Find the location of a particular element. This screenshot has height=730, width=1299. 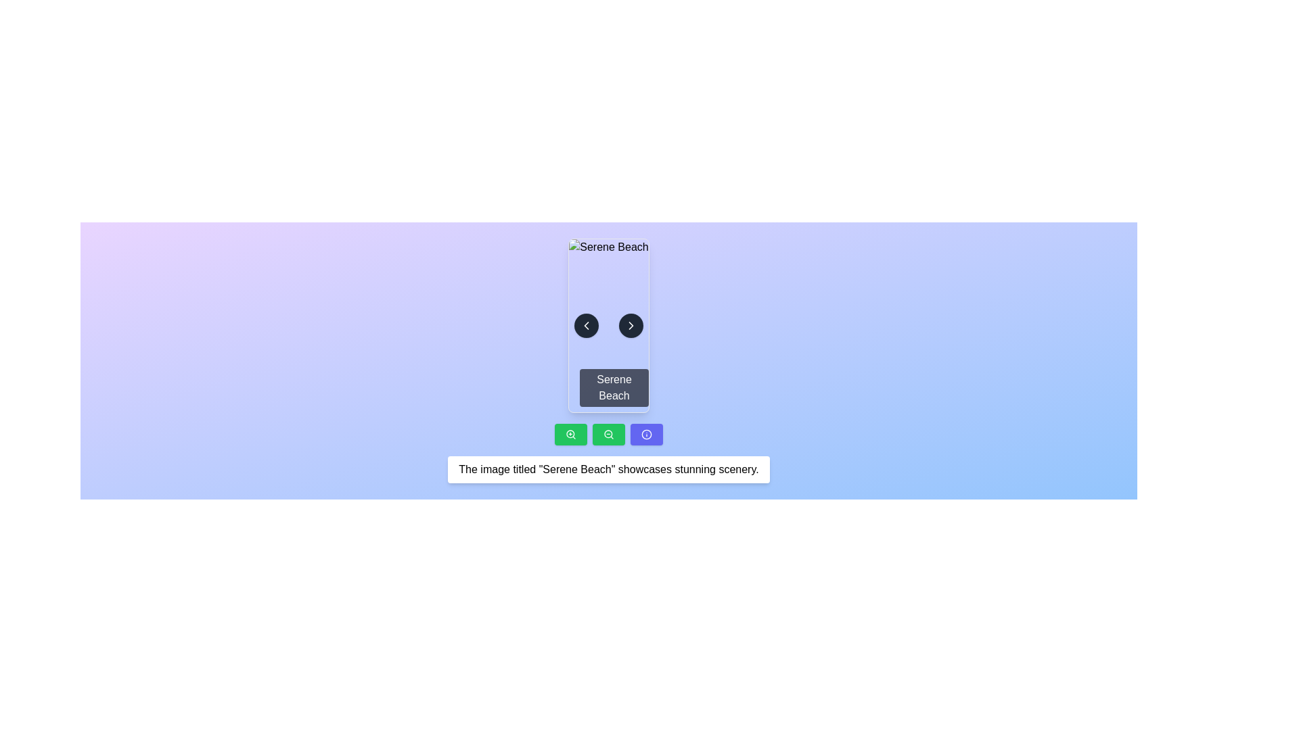

the circular button with a gray background and a white right arrow icon located in the center-right position of the 'Serene Beach' card component is located at coordinates (630, 326).